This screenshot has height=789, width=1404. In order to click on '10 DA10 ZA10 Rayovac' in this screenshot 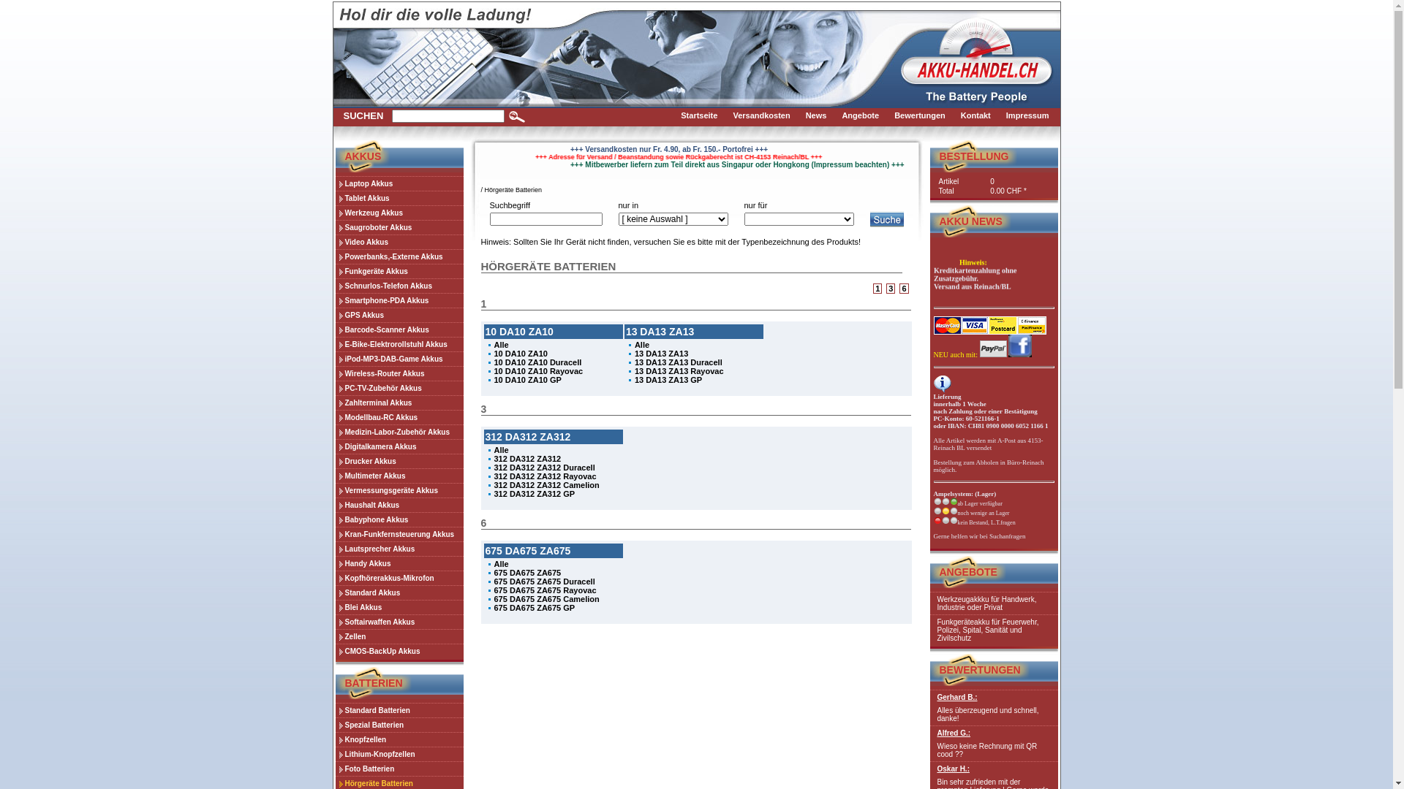, I will do `click(538, 370)`.